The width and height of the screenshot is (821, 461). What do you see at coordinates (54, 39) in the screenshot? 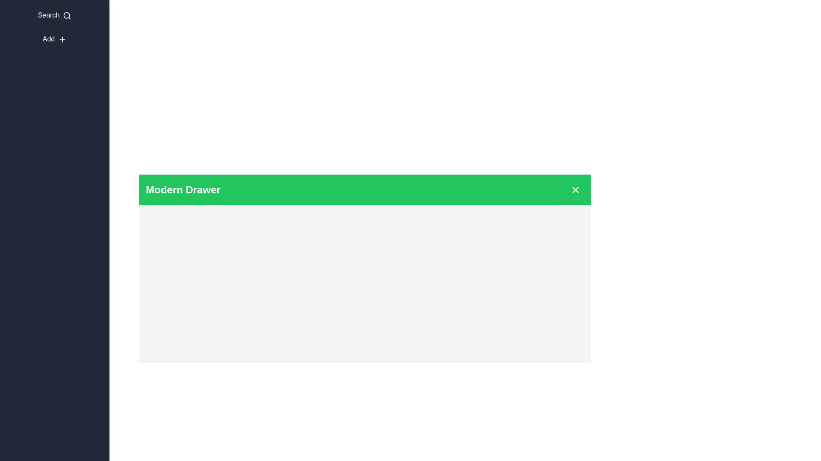
I see `the 'Add' button, which is a horizontal button with a '+' icon, positioned below the 'Search' button in the top-left section of the interface` at bounding box center [54, 39].